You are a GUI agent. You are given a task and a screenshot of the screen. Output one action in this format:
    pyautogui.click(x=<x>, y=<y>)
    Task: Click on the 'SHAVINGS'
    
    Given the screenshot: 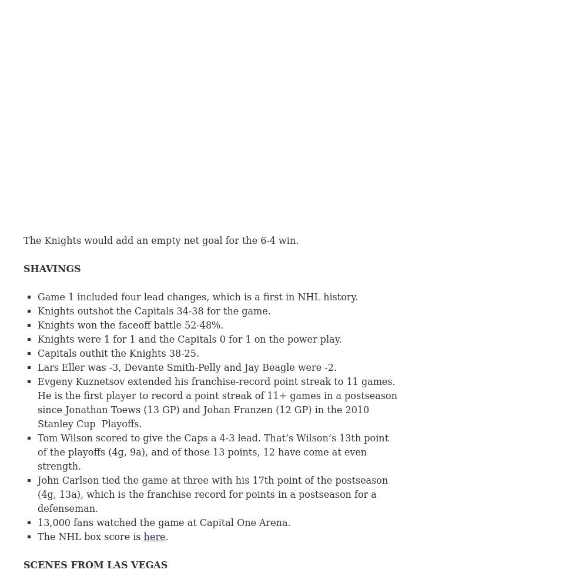 What is the action you would take?
    pyautogui.click(x=52, y=269)
    